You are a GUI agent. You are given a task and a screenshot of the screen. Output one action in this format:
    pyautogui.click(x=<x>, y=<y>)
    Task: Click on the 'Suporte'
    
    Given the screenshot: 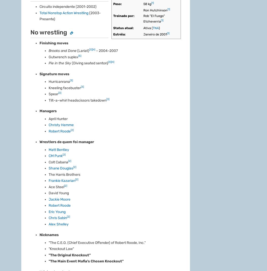 What is the action you would take?
    pyautogui.click(x=21, y=177)
    